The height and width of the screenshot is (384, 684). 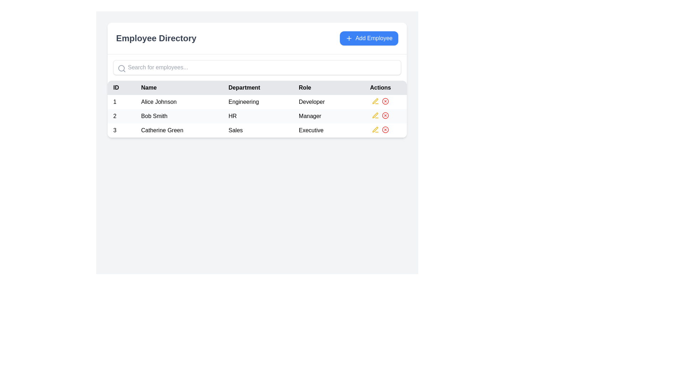 I want to click on the circular graphical icon component located within the search icon at the start of the search bar, so click(x=121, y=68).